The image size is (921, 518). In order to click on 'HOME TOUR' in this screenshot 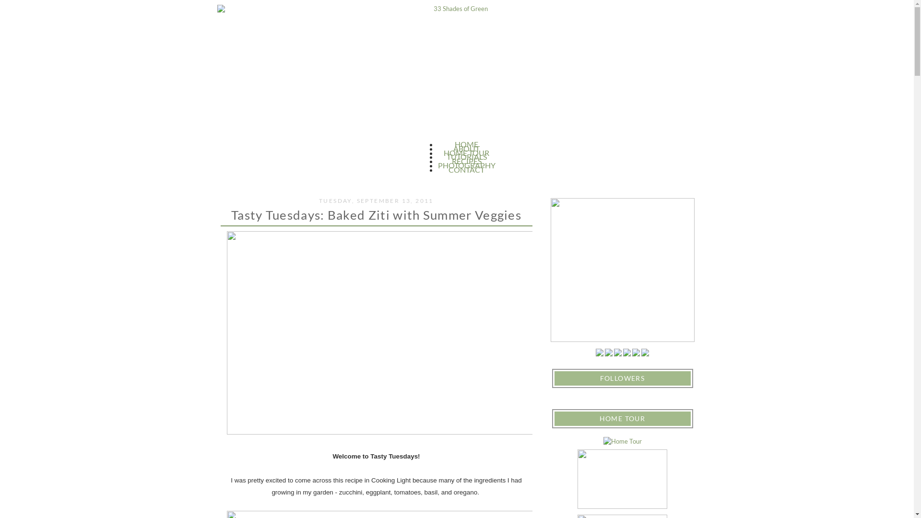, I will do `click(443, 152)`.